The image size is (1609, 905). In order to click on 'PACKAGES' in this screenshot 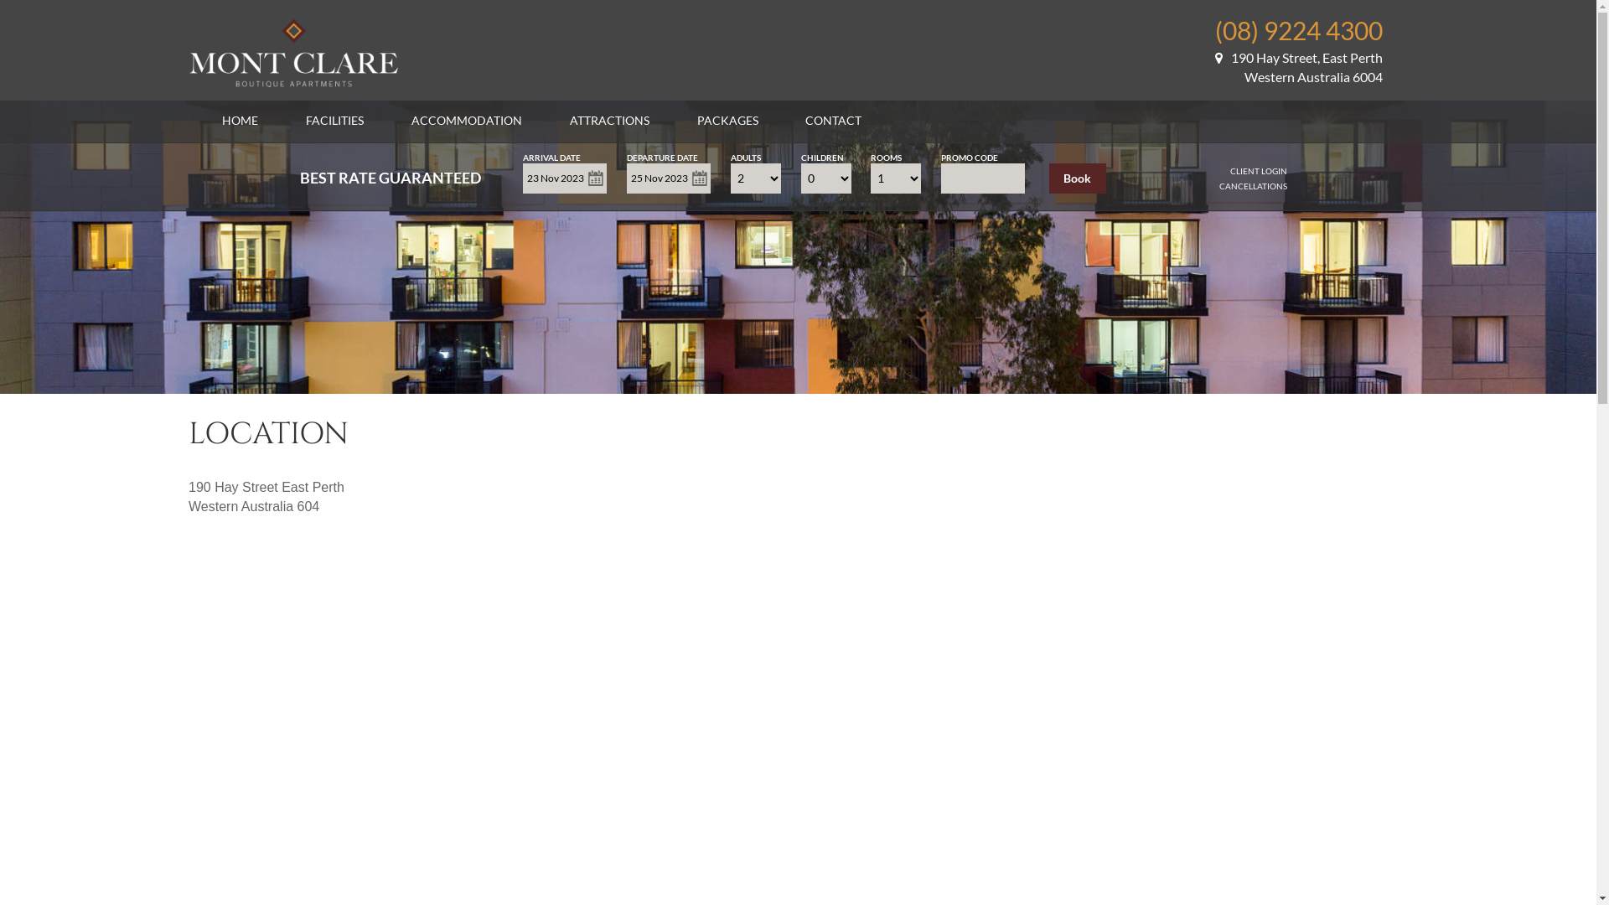, I will do `click(727, 119)`.